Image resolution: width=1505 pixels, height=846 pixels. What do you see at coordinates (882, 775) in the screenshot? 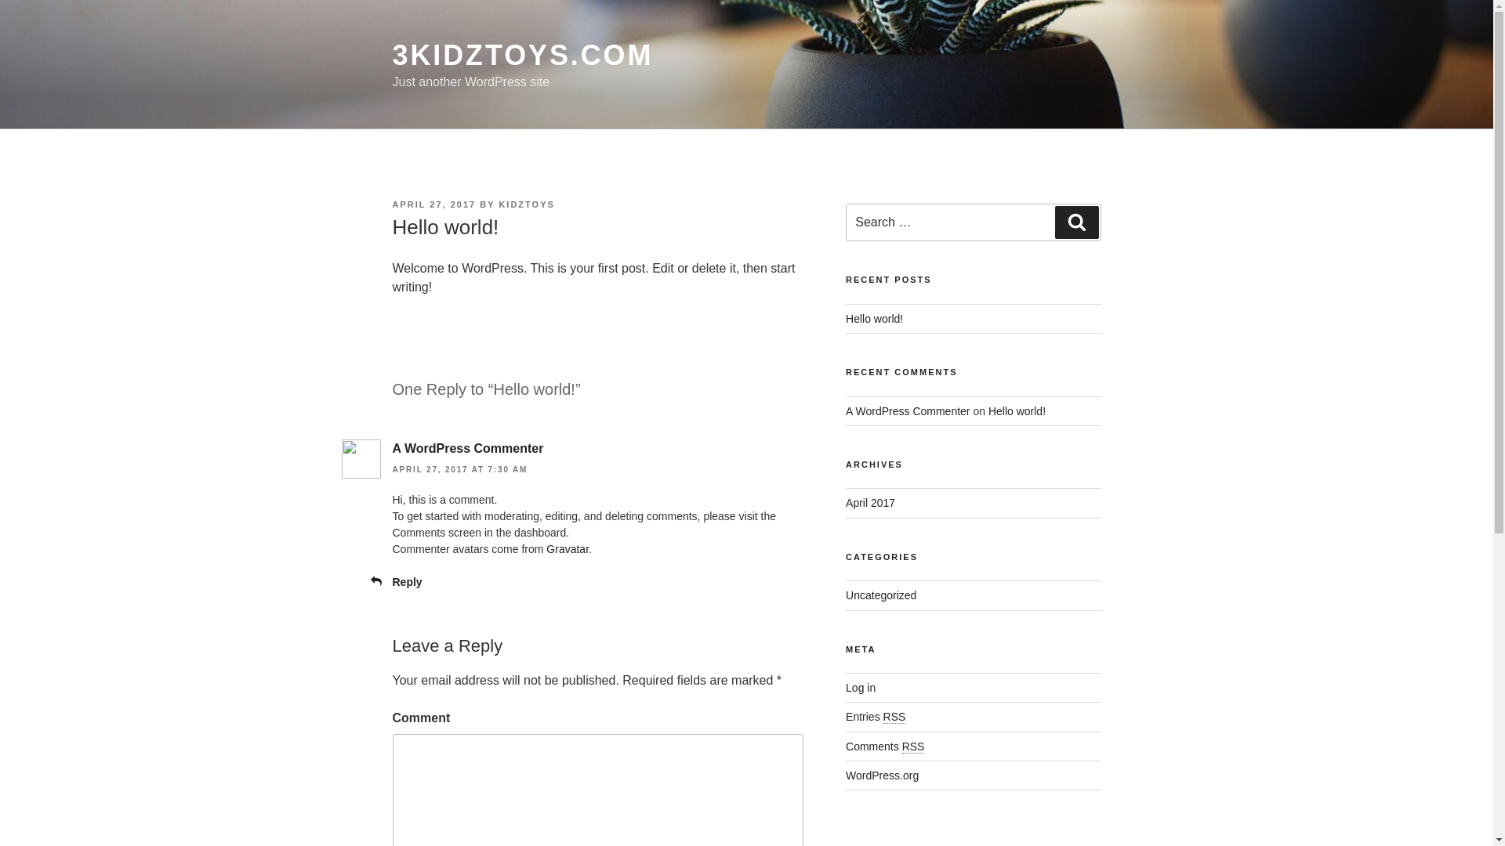
I see `'WordPress.org'` at bounding box center [882, 775].